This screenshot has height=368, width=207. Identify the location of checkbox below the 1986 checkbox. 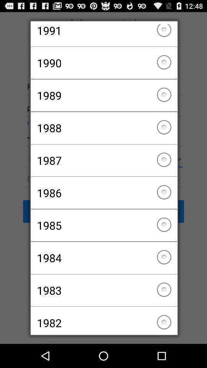
(103, 225).